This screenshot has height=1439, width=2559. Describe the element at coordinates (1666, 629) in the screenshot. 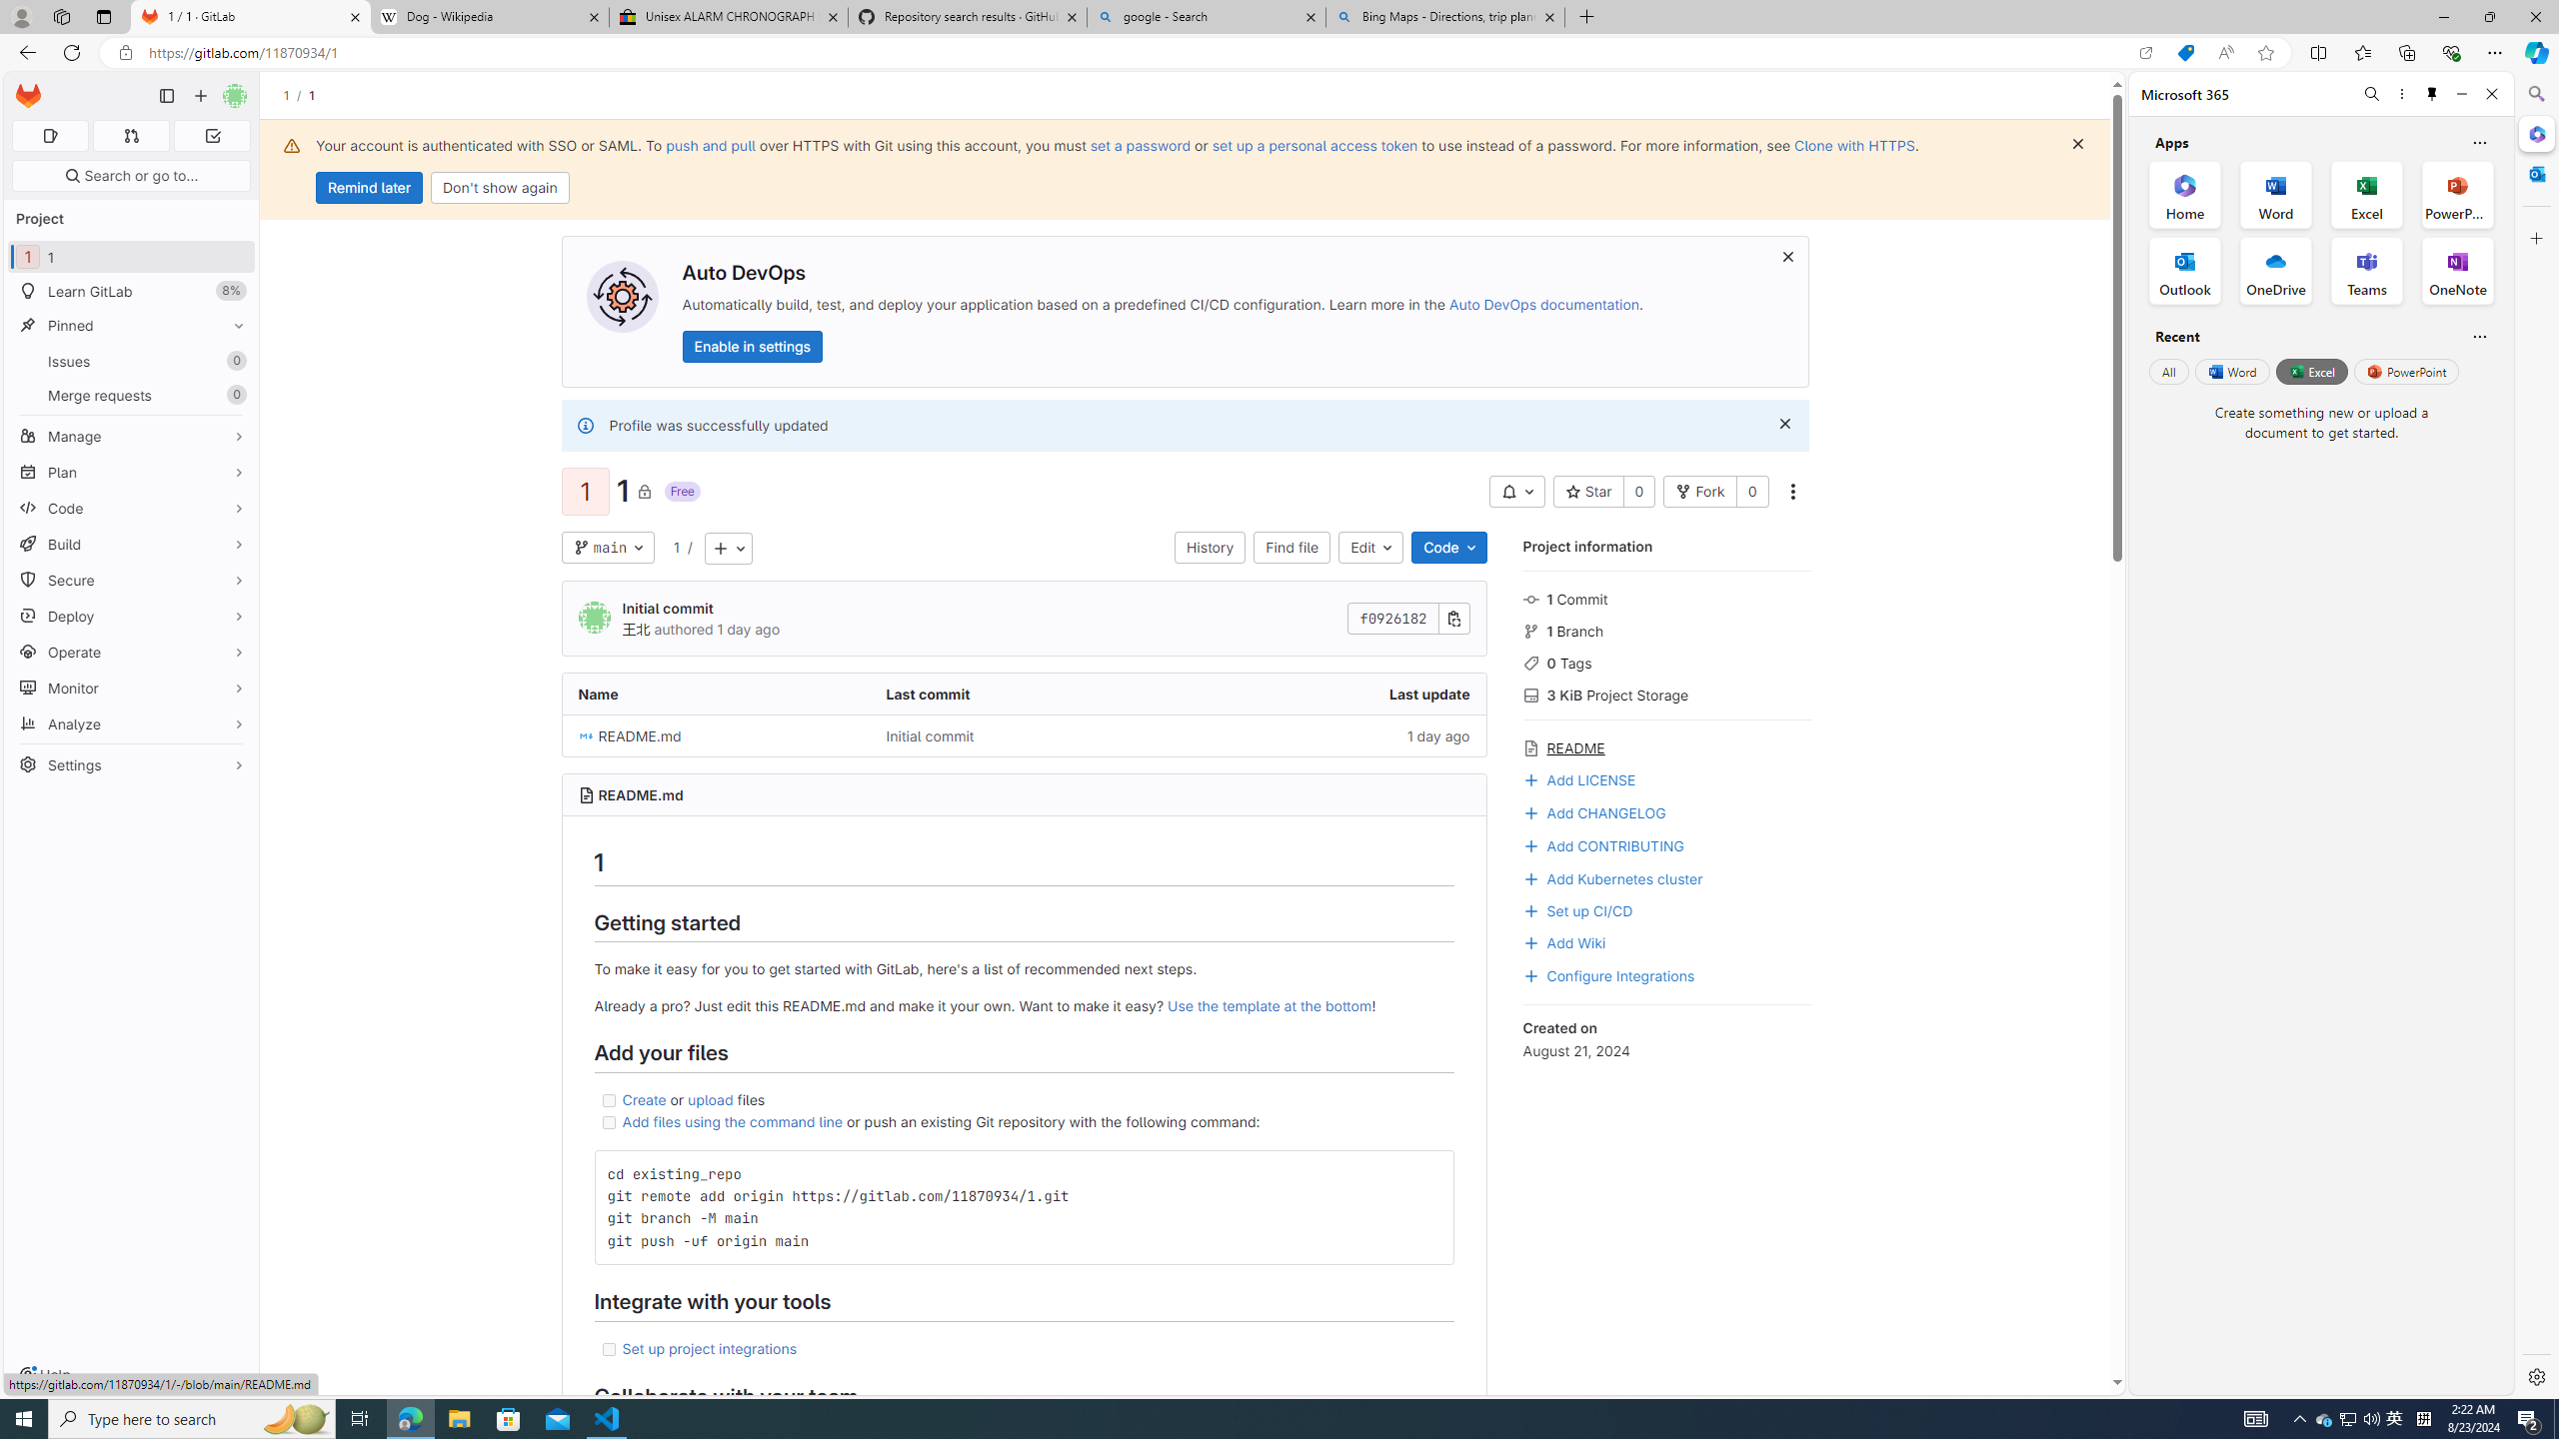

I see `'1 Branch'` at that location.